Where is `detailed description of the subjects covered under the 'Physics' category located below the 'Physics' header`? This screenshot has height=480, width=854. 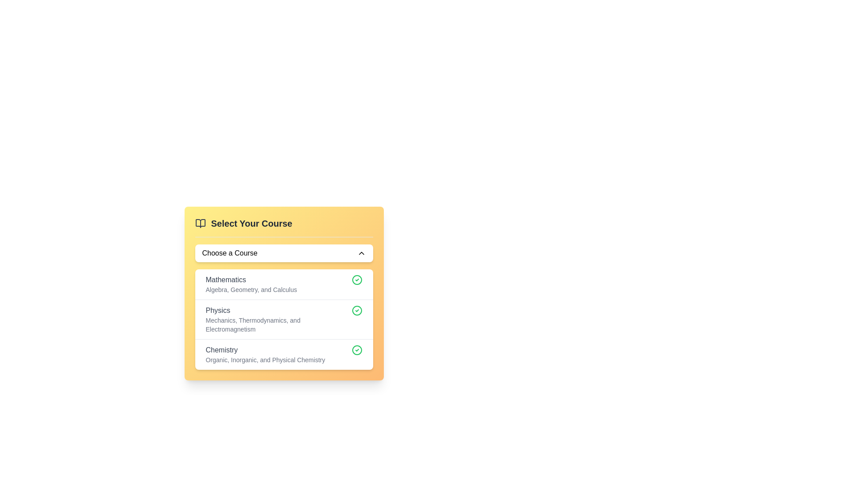
detailed description of the subjects covered under the 'Physics' category located below the 'Physics' header is located at coordinates (278, 325).